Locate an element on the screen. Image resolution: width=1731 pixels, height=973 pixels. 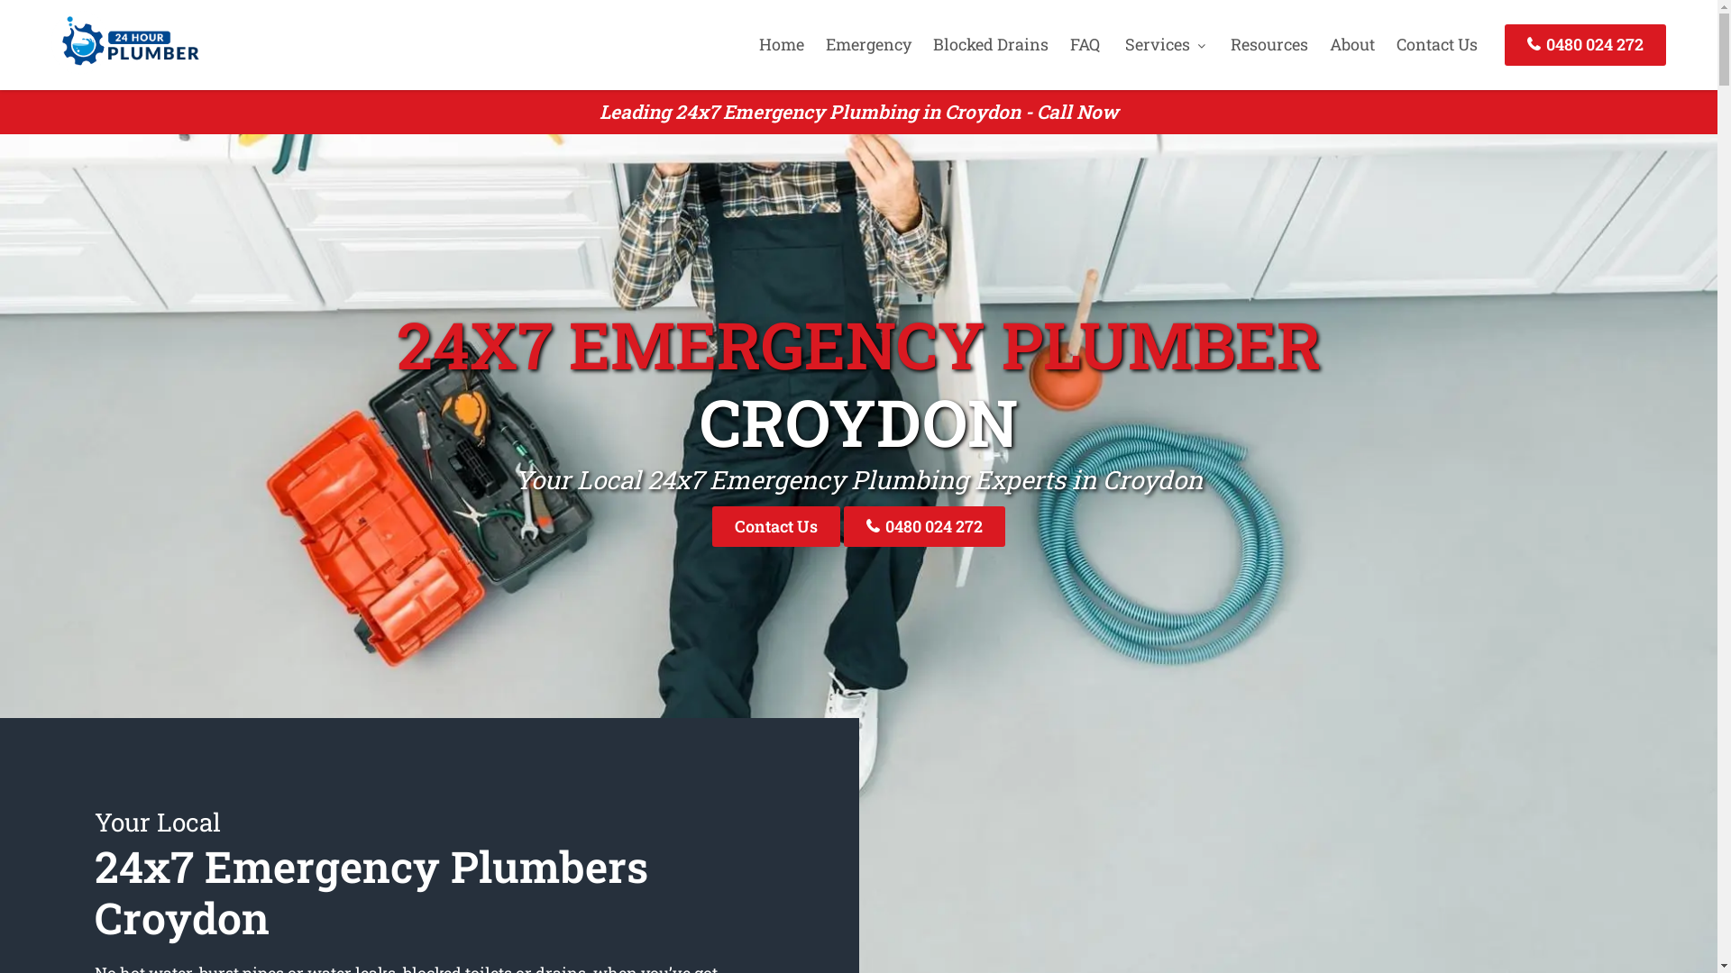
'24 Hour Plumber' is located at coordinates (124, 66).